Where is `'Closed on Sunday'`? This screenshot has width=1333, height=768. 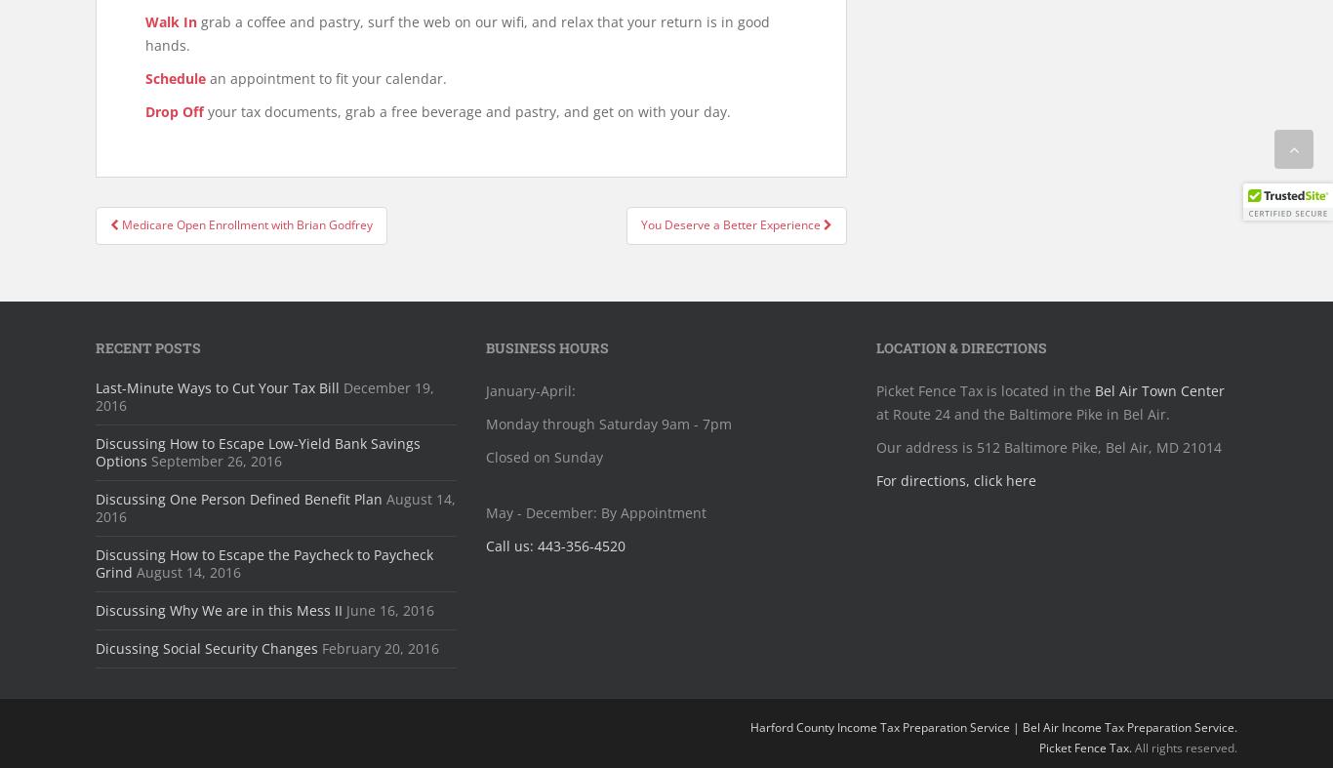
'Closed on Sunday' is located at coordinates (486, 456).